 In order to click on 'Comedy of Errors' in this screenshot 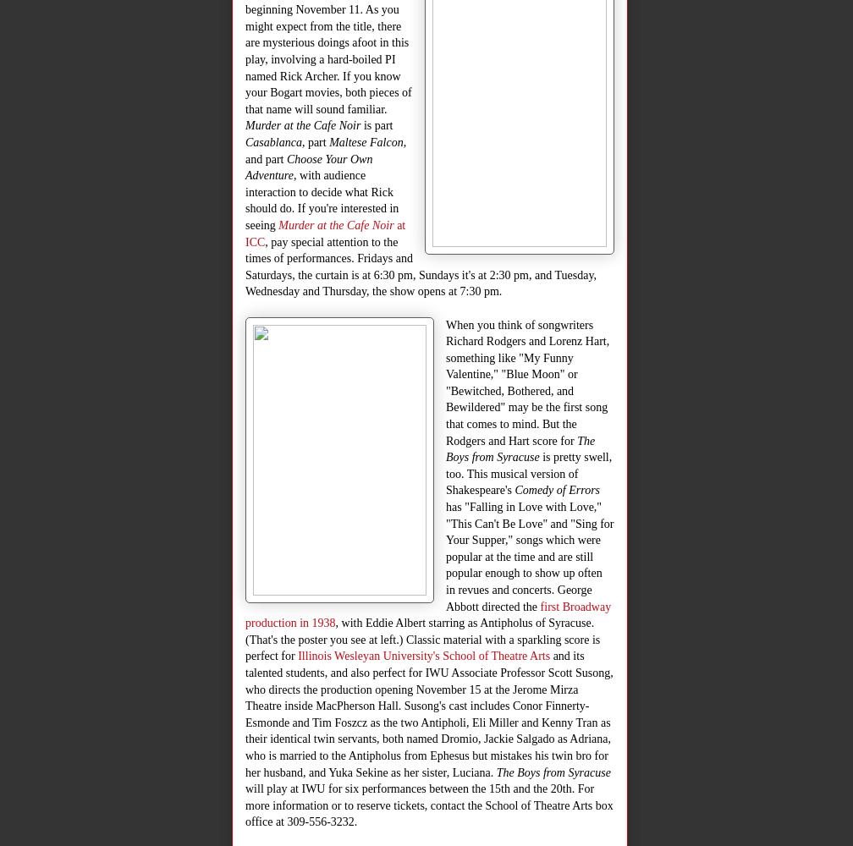, I will do `click(557, 489)`.